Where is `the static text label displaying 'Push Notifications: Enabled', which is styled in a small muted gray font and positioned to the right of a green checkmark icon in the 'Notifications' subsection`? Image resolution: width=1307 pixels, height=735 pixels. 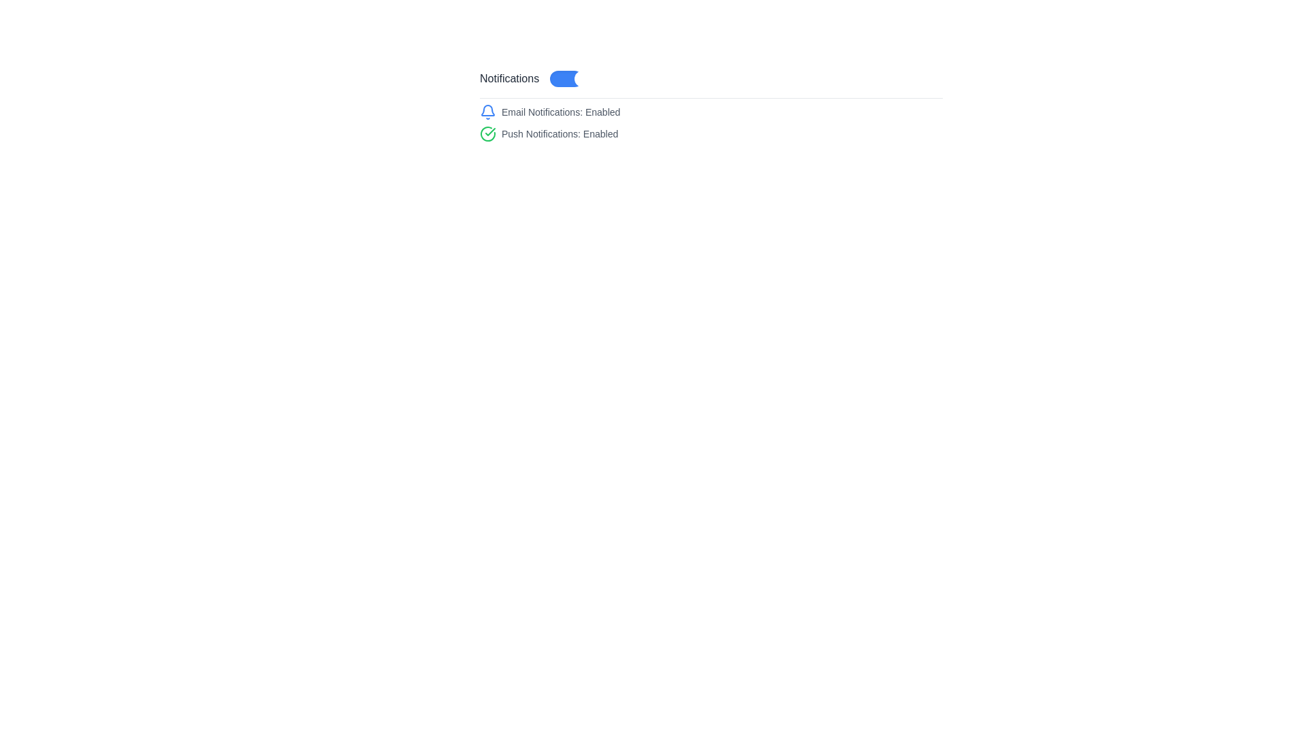
the static text label displaying 'Push Notifications: Enabled', which is styled in a small muted gray font and positioned to the right of a green checkmark icon in the 'Notifications' subsection is located at coordinates (560, 133).